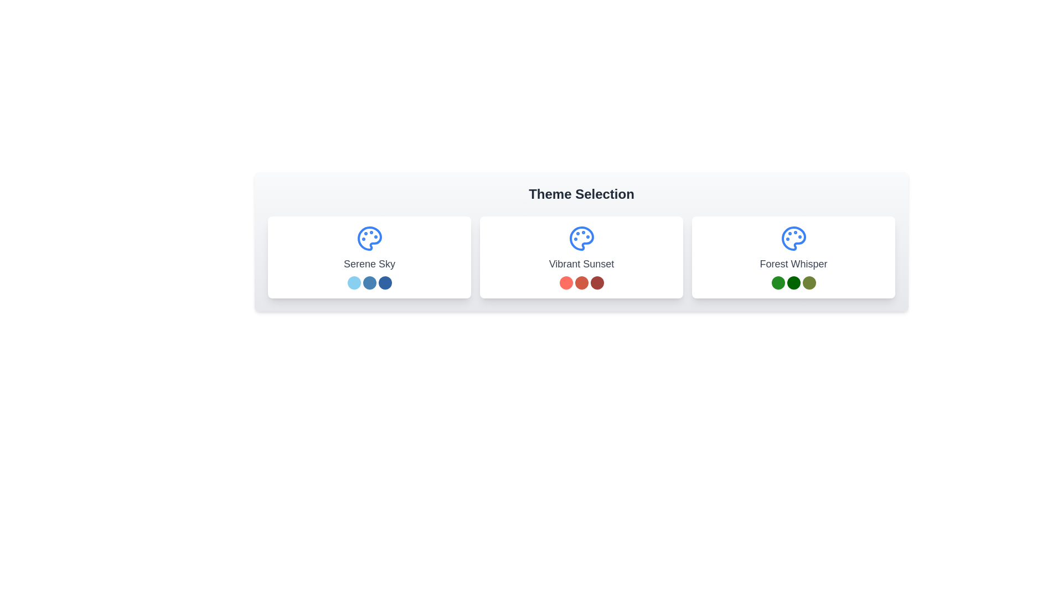  I want to click on the second circular indicator with a dark green background below the 'Forest Whisper' label, so click(793, 282).